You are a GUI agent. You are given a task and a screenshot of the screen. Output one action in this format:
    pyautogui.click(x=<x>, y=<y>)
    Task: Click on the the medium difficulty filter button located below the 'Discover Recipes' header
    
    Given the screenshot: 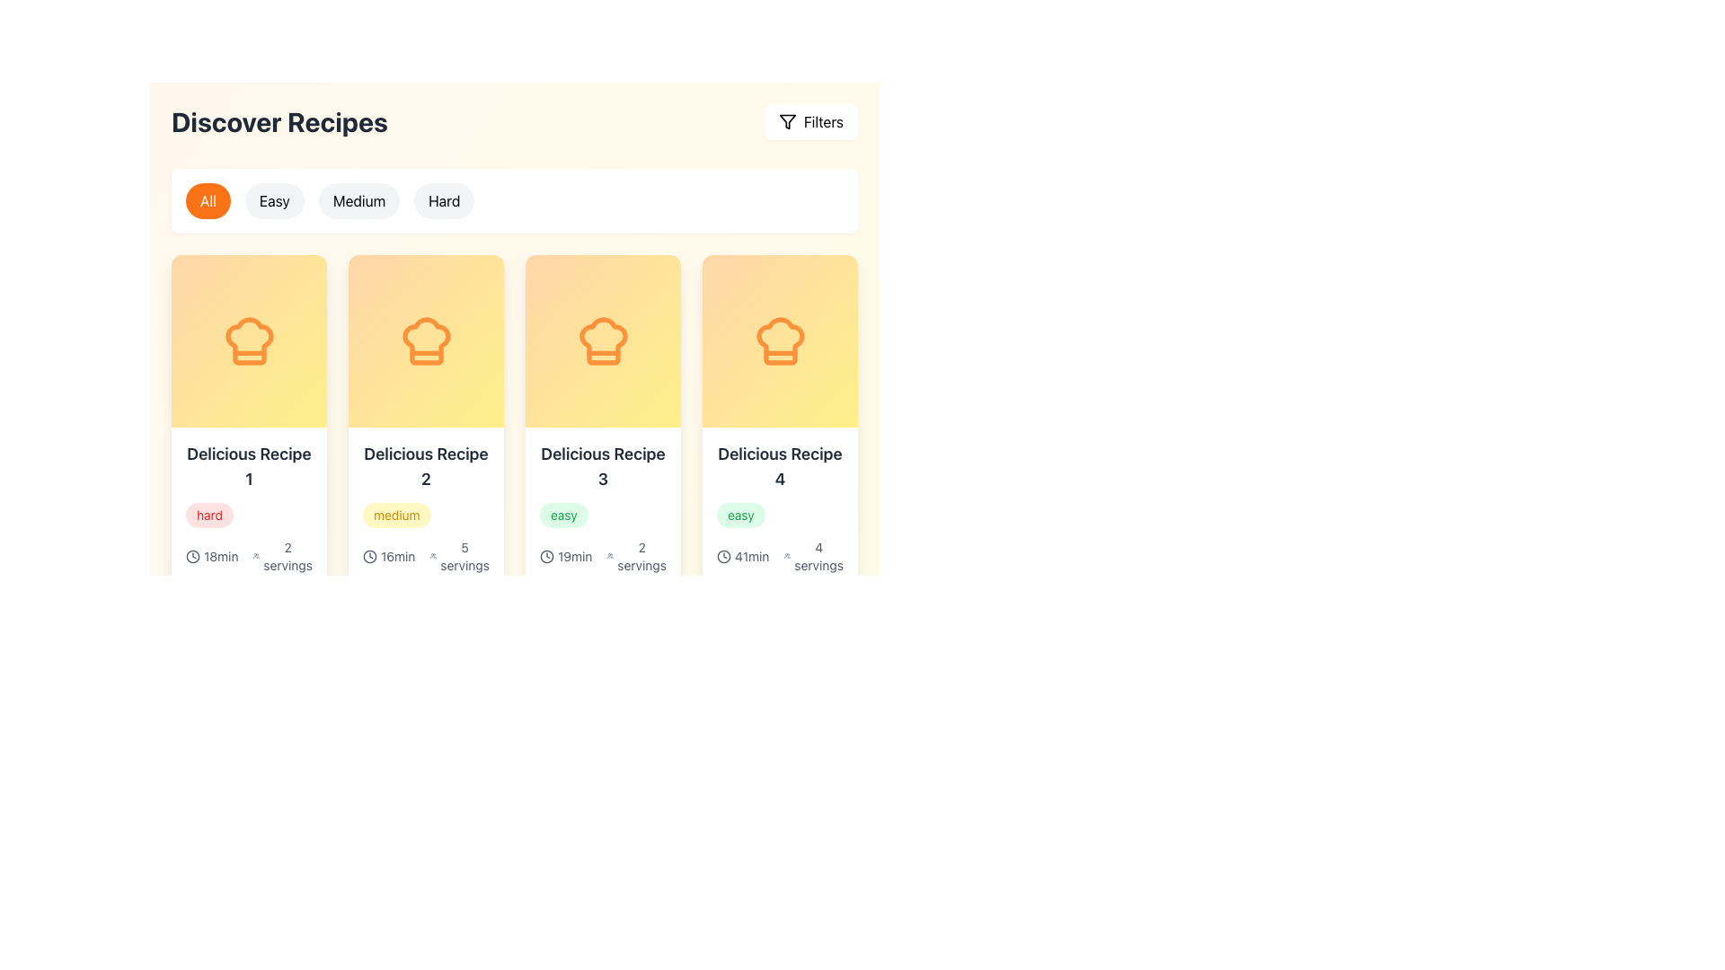 What is the action you would take?
    pyautogui.click(x=358, y=200)
    